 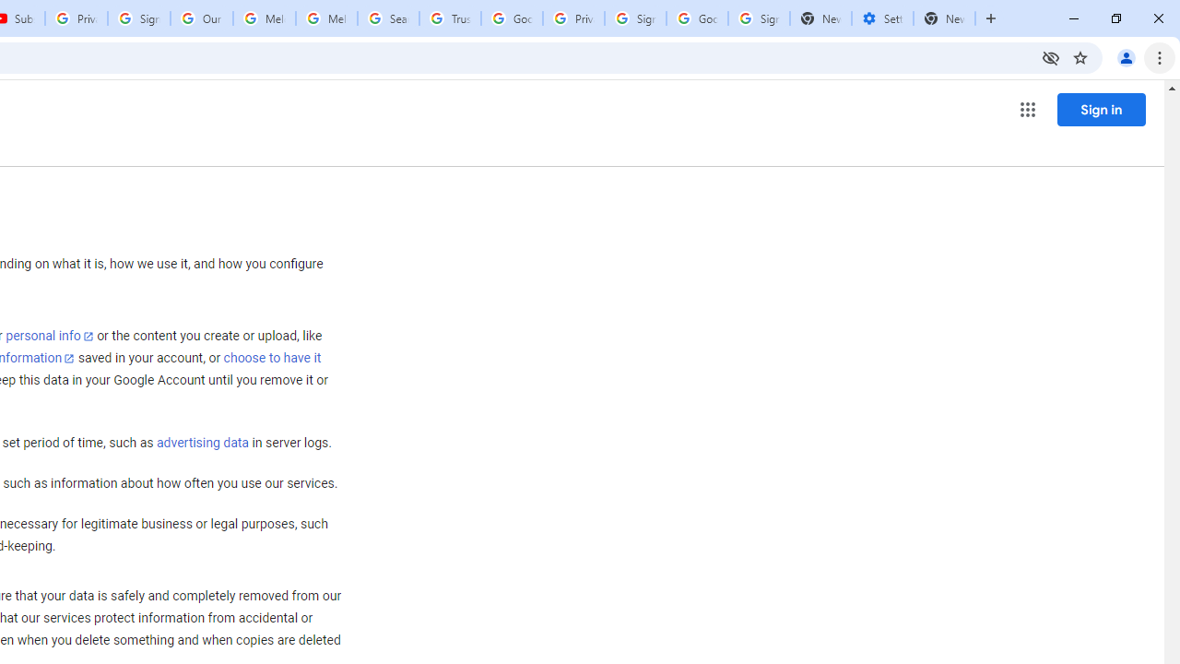 What do you see at coordinates (1101, 109) in the screenshot?
I see `'Sign in'` at bounding box center [1101, 109].